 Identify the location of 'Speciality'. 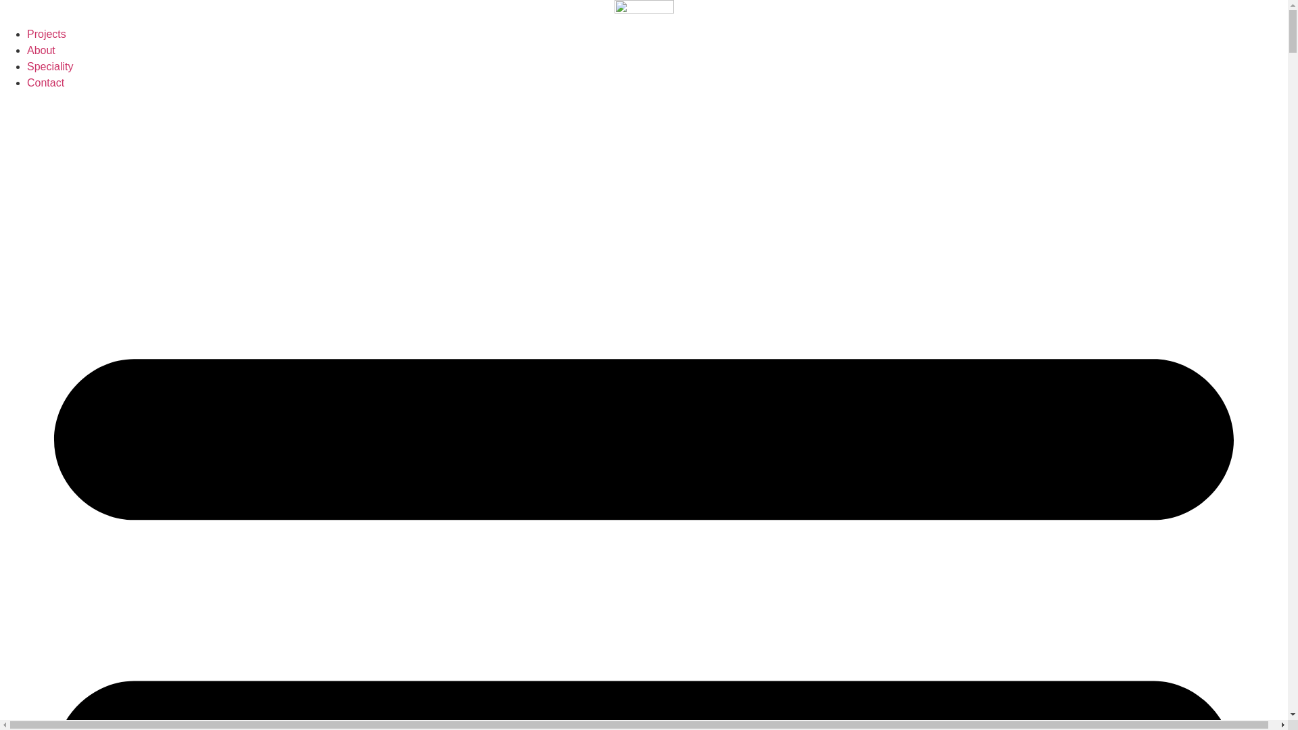
(49, 66).